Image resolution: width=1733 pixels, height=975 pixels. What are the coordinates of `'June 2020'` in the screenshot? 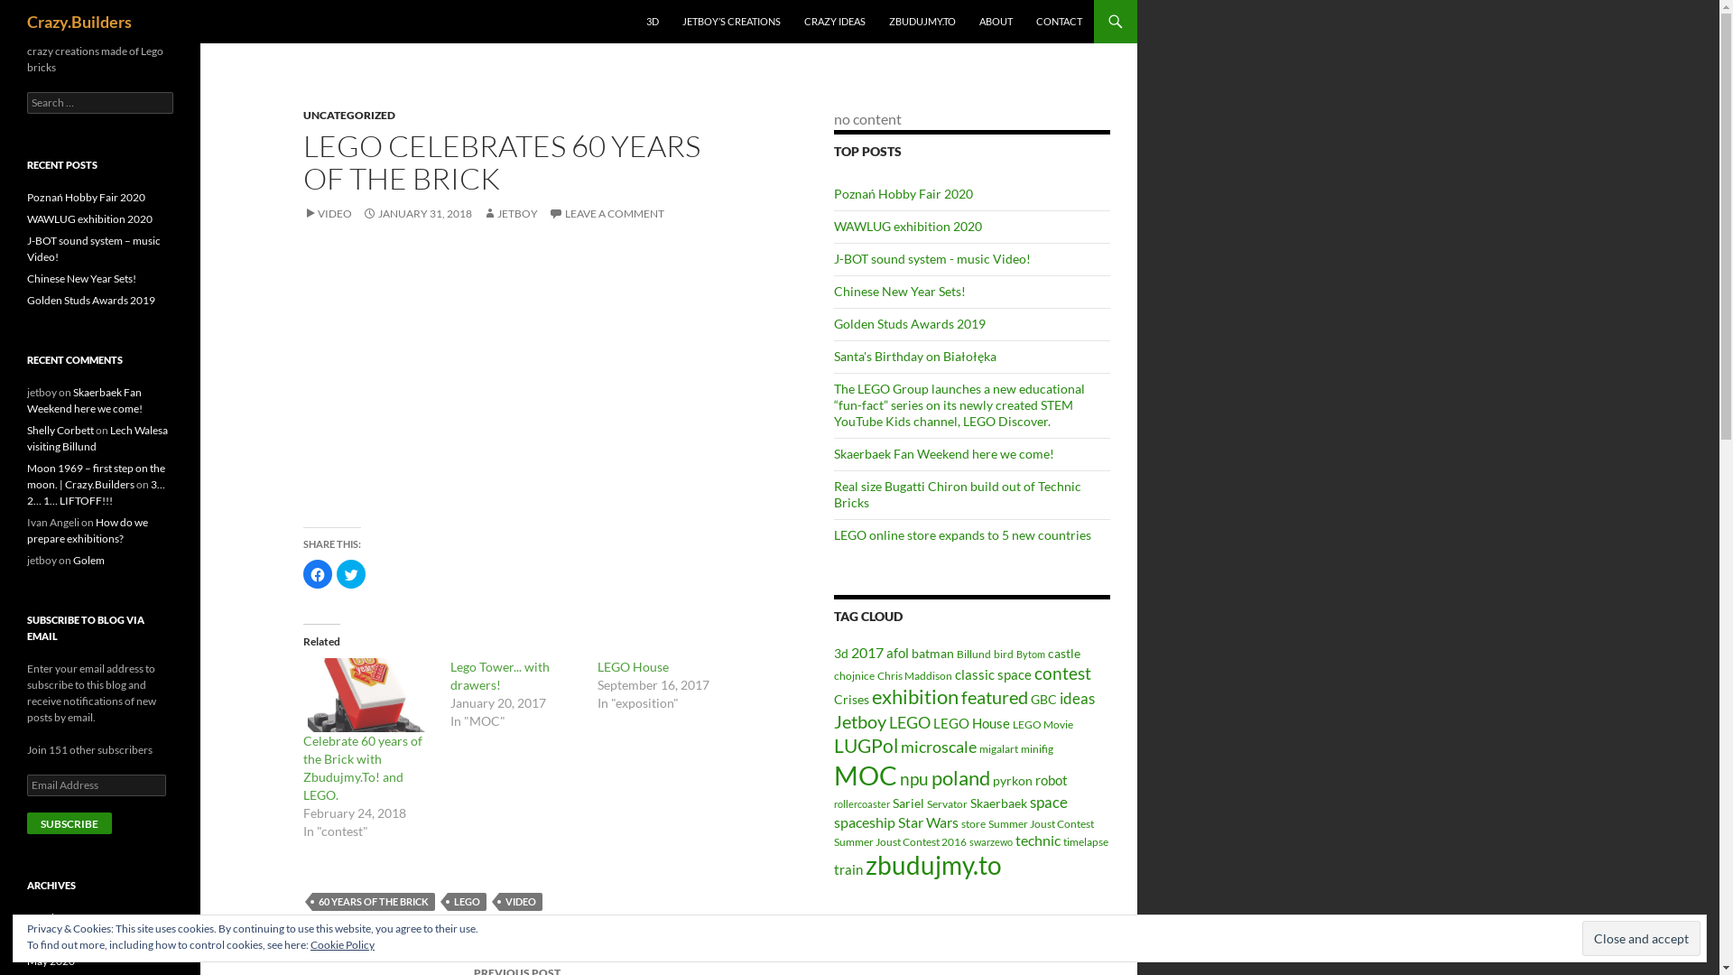 It's located at (51, 938).